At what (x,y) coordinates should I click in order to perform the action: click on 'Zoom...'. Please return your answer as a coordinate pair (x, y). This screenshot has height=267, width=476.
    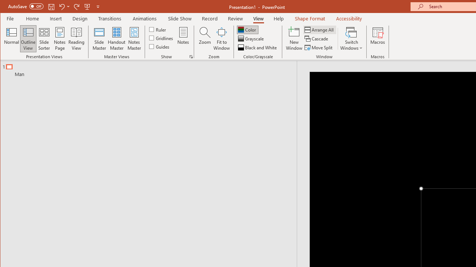
    Looking at the image, I should click on (205, 39).